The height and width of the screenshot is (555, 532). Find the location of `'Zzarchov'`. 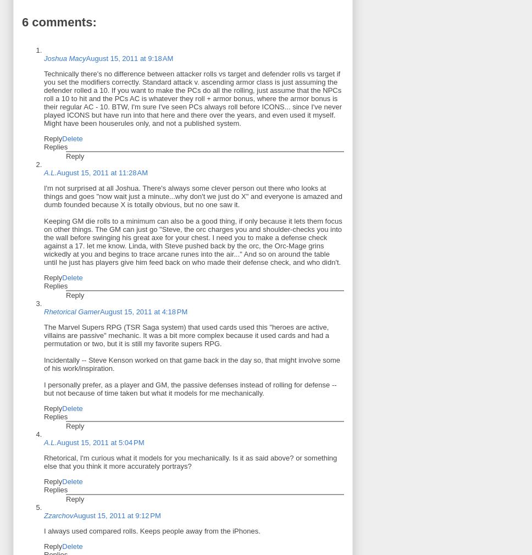

'Zzarchov' is located at coordinates (58, 515).